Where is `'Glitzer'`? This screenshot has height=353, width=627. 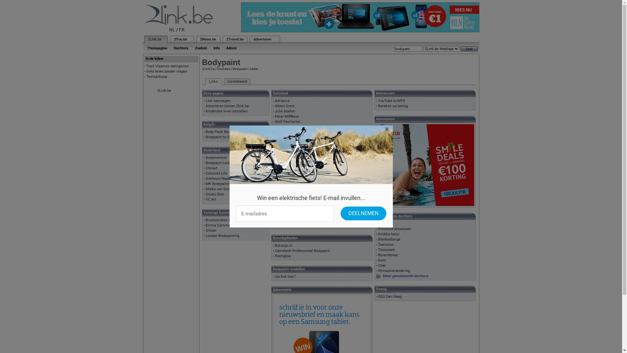 'Glitzer' is located at coordinates (205, 230).